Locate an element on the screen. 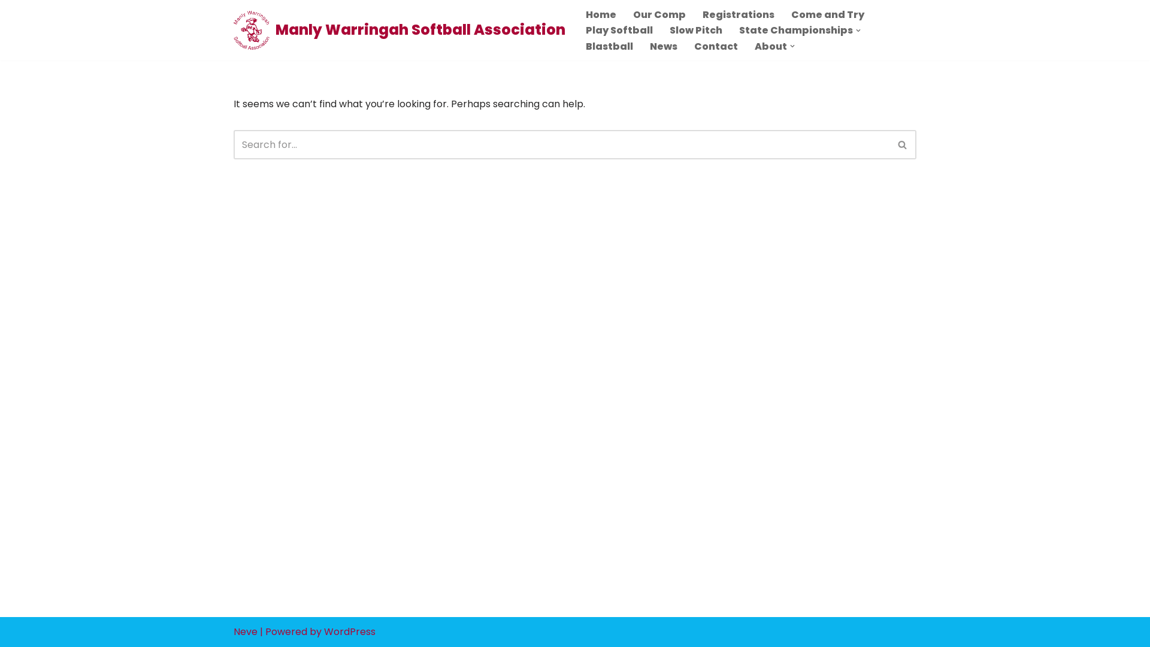 The width and height of the screenshot is (1150, 647). 'Play Softball' is located at coordinates (619, 29).